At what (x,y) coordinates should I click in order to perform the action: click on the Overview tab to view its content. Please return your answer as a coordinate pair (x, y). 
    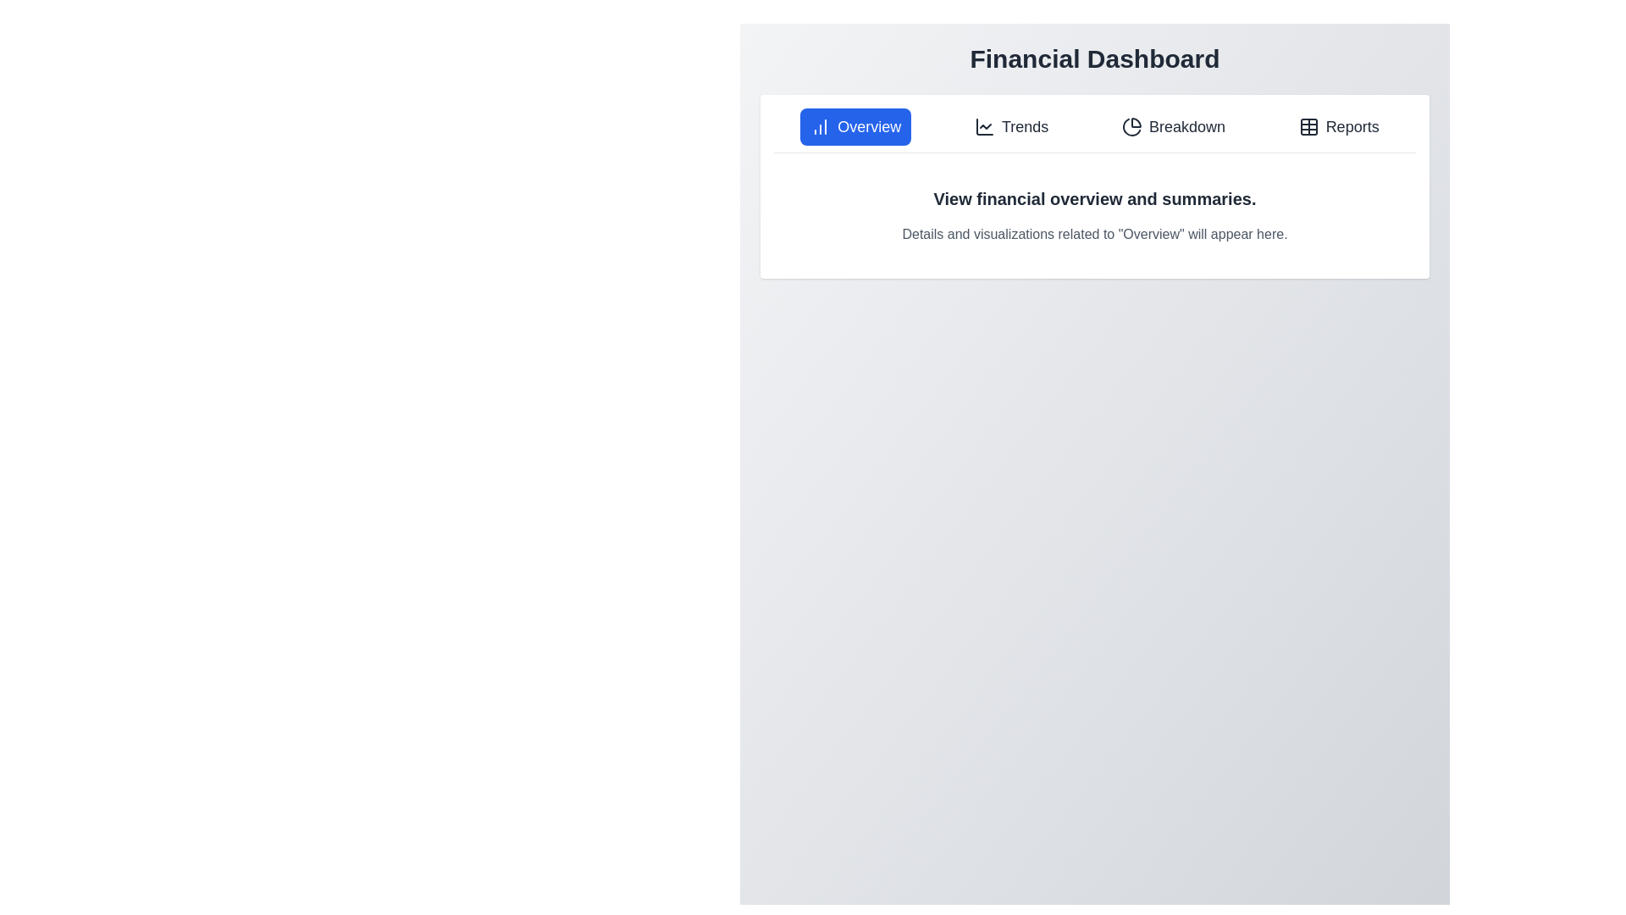
    Looking at the image, I should click on (854, 126).